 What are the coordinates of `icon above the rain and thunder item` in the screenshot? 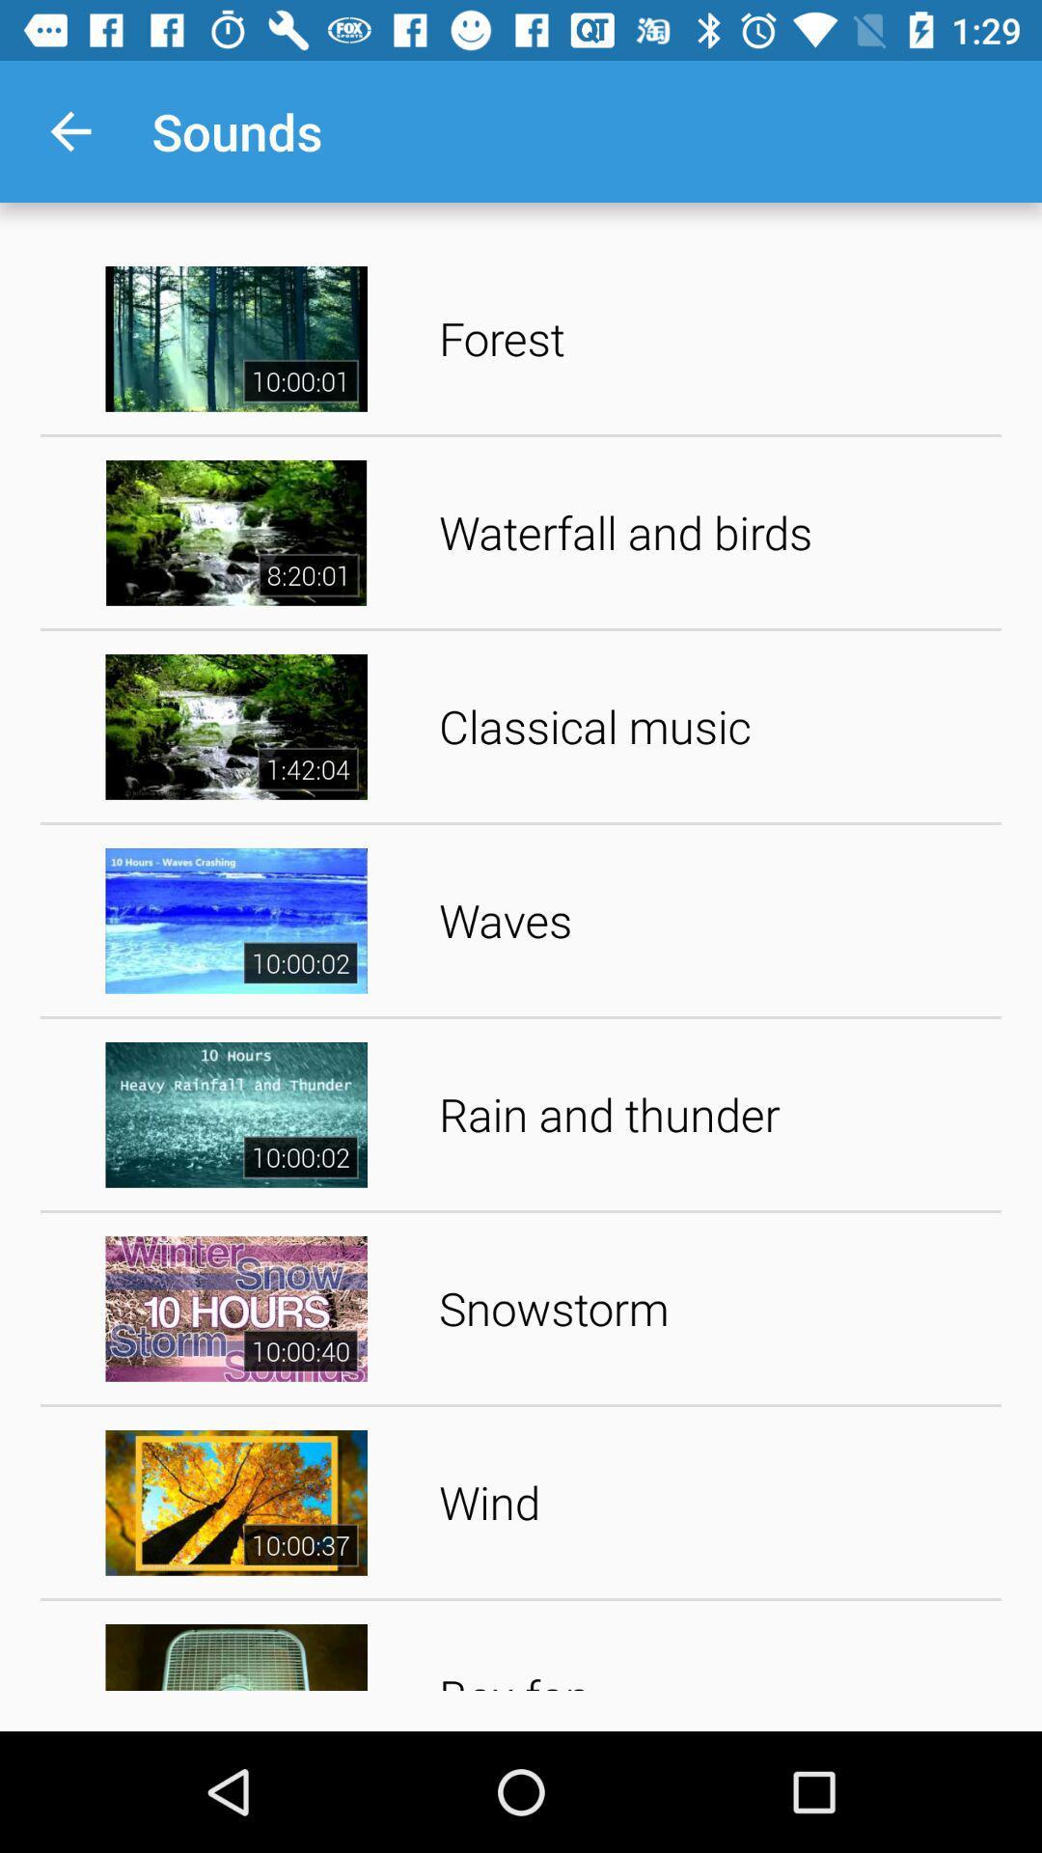 It's located at (713, 920).